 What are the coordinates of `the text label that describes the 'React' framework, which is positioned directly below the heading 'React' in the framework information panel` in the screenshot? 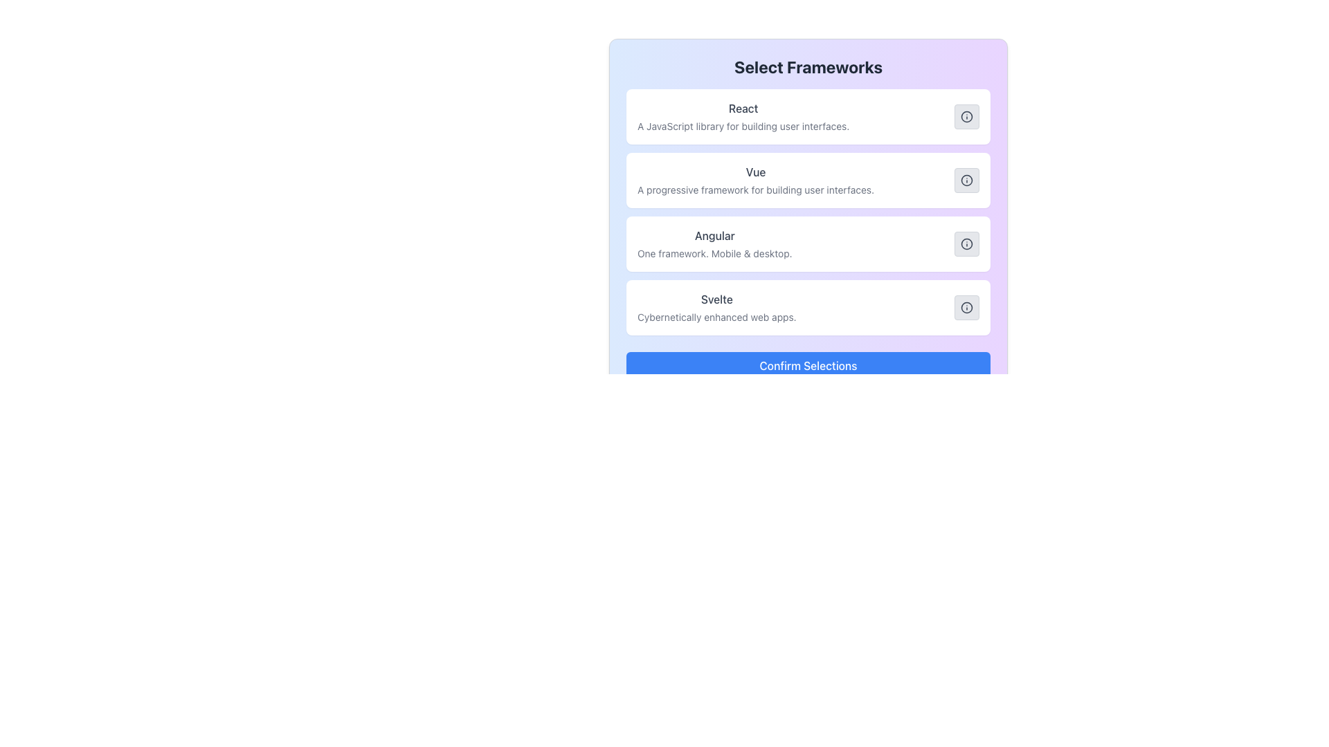 It's located at (743, 126).